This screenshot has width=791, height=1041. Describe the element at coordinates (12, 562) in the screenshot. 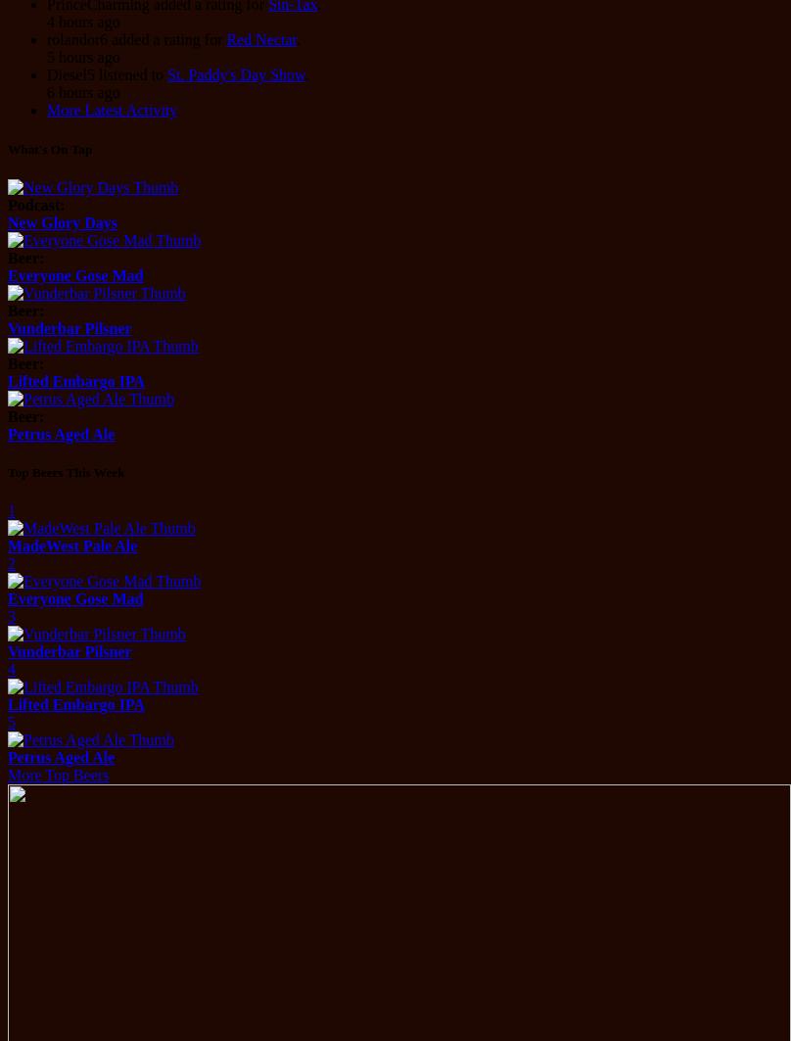

I see `'2'` at that location.